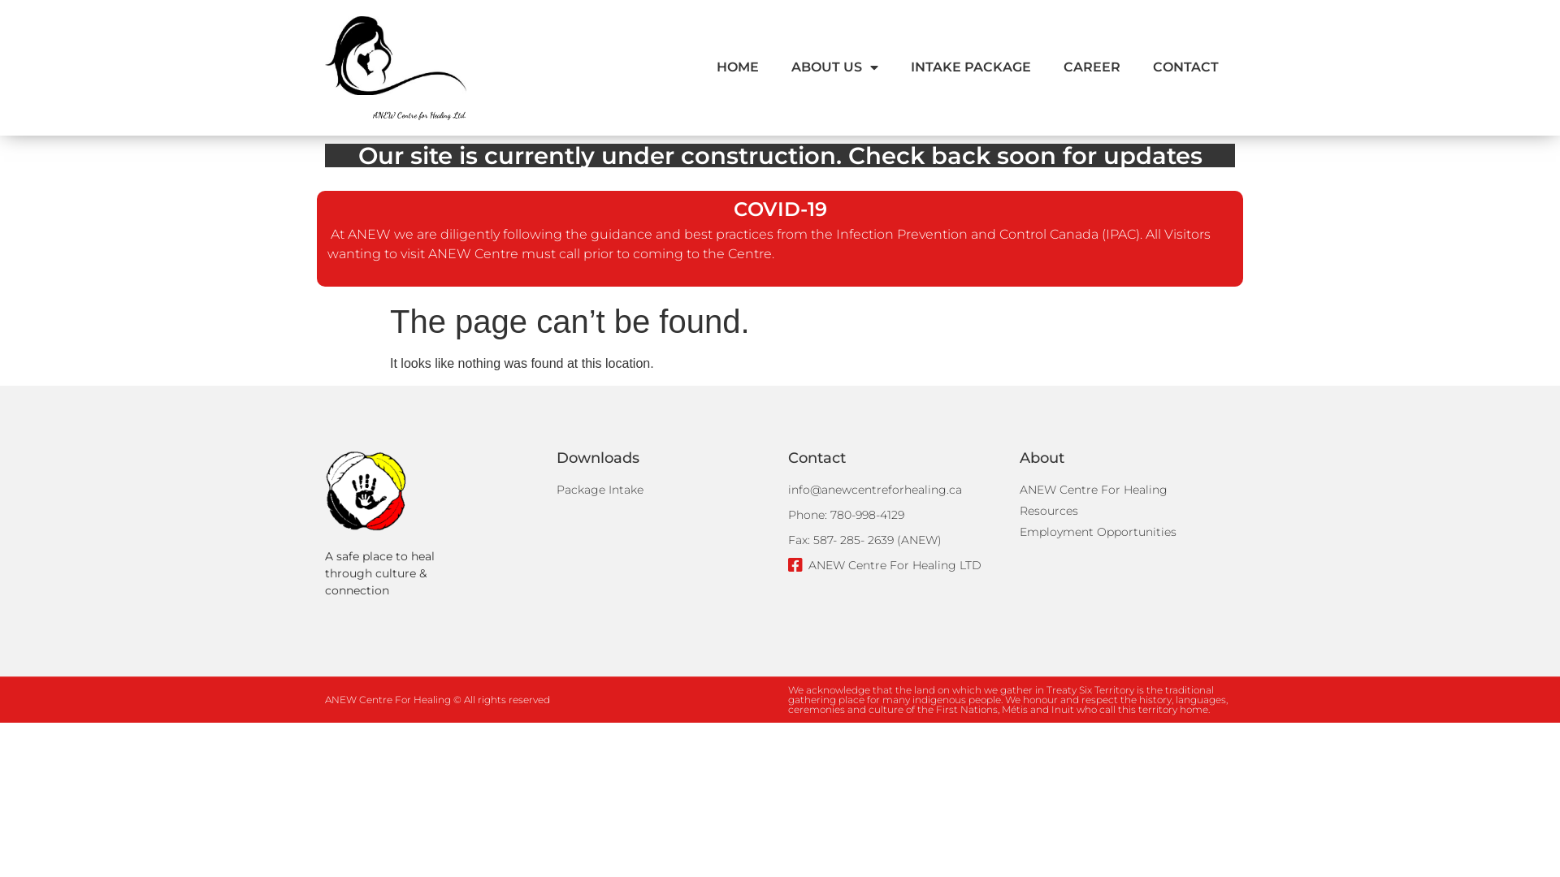 The width and height of the screenshot is (1560, 877). I want to click on 'Package Intake', so click(557, 489).